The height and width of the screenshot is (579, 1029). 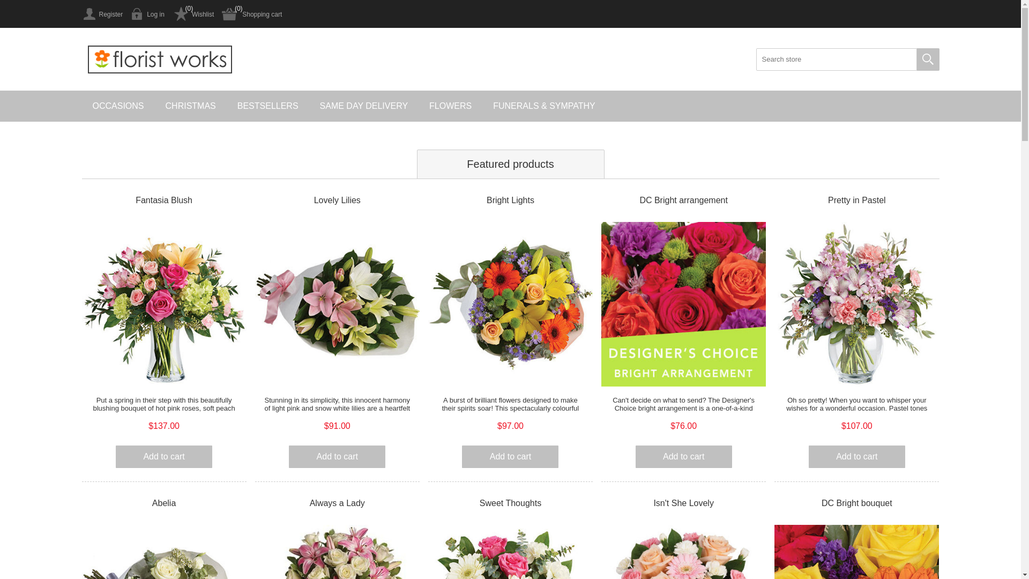 I want to click on 'FLOWERS', so click(x=450, y=106).